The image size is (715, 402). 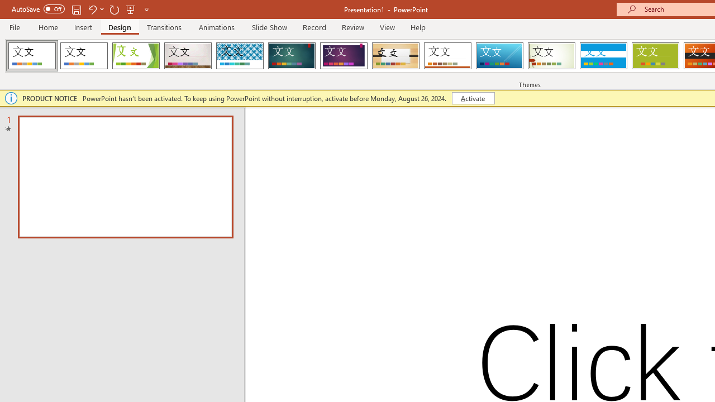 What do you see at coordinates (83, 56) in the screenshot?
I see `'Office Theme'` at bounding box center [83, 56].